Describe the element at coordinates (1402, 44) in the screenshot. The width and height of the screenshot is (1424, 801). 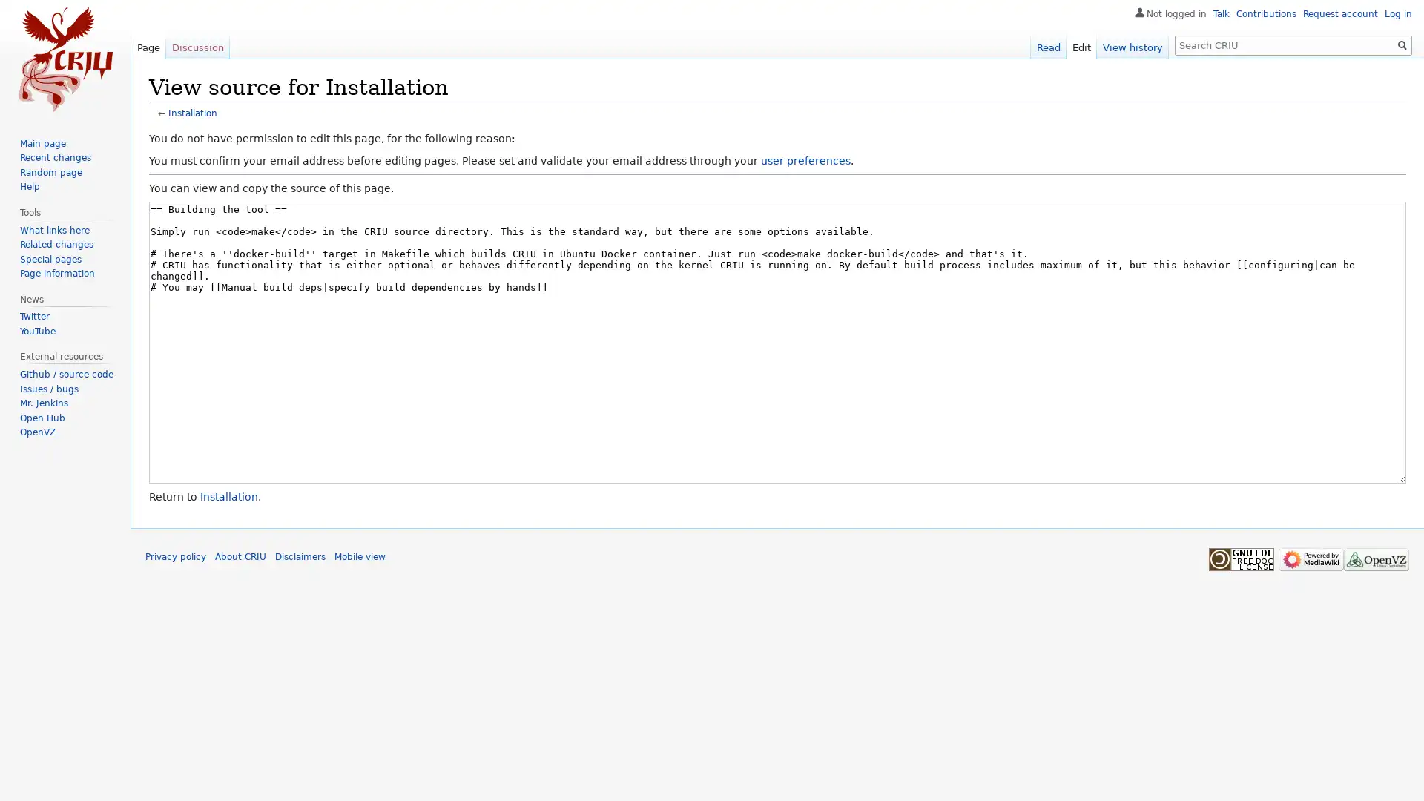
I see `Go` at that location.